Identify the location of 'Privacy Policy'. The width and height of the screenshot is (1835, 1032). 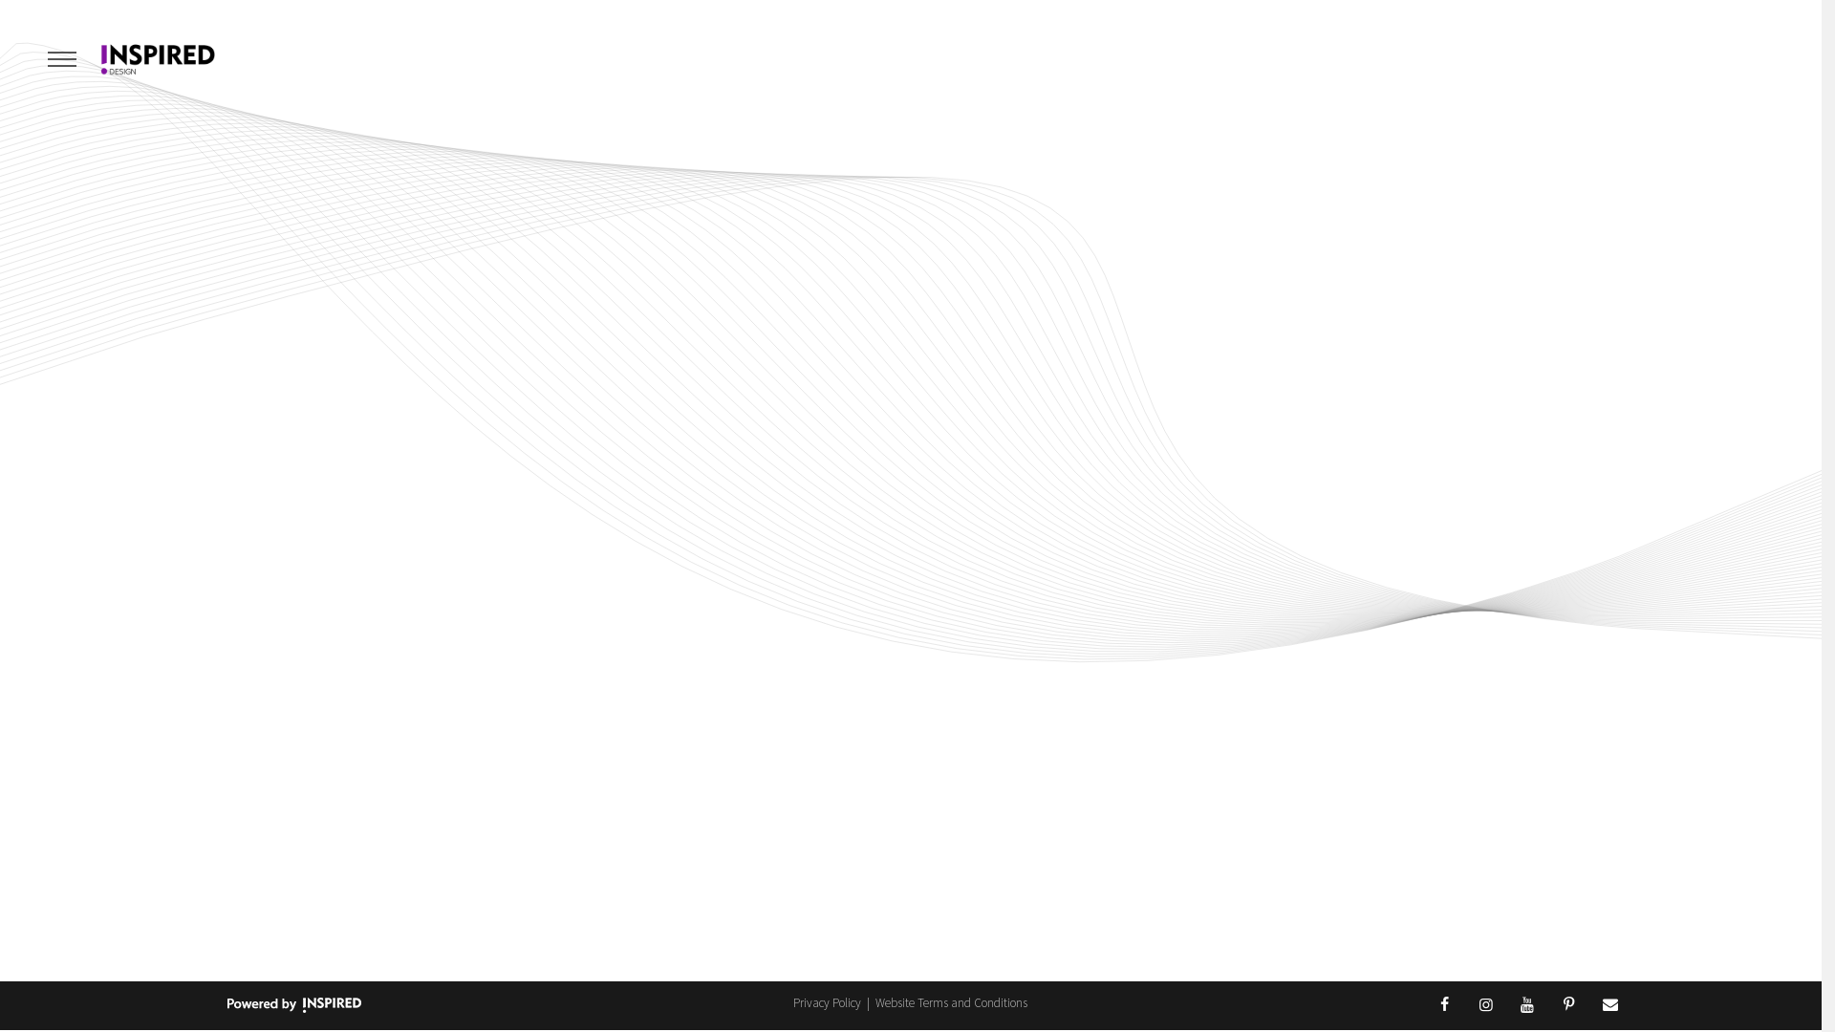
(829, 1001).